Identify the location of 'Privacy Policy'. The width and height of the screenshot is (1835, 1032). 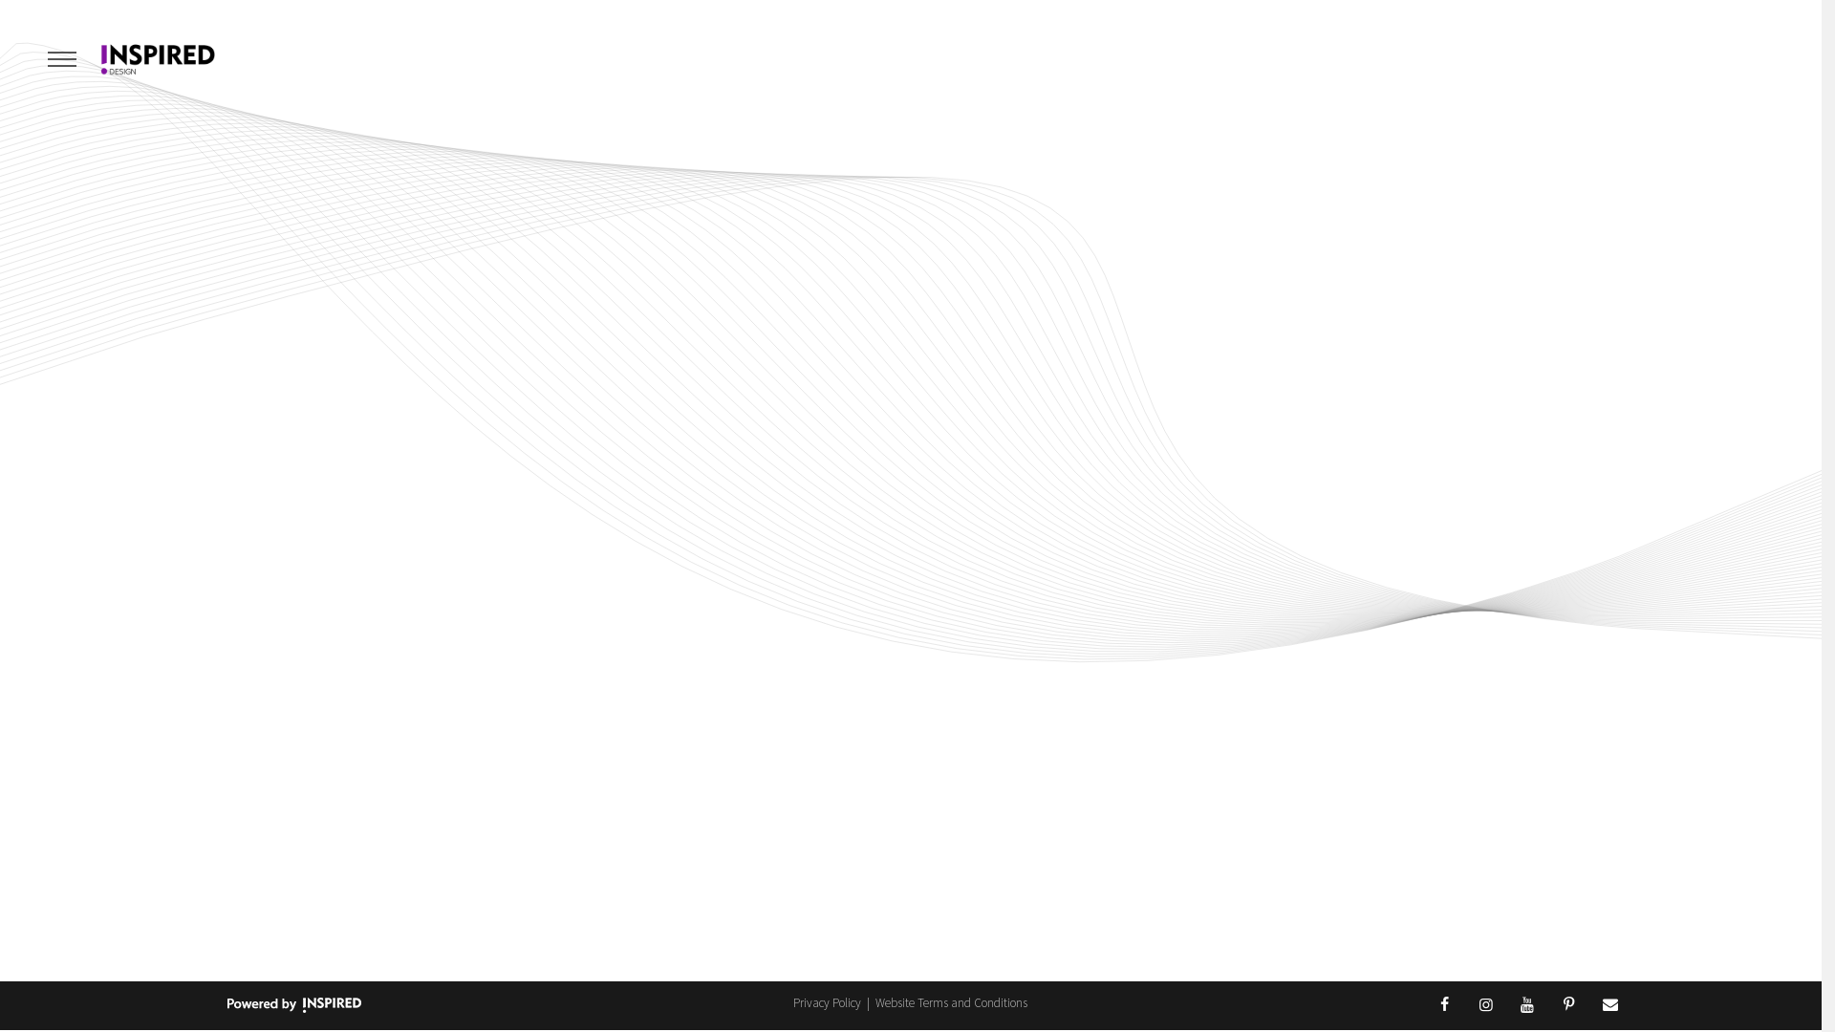
(829, 1001).